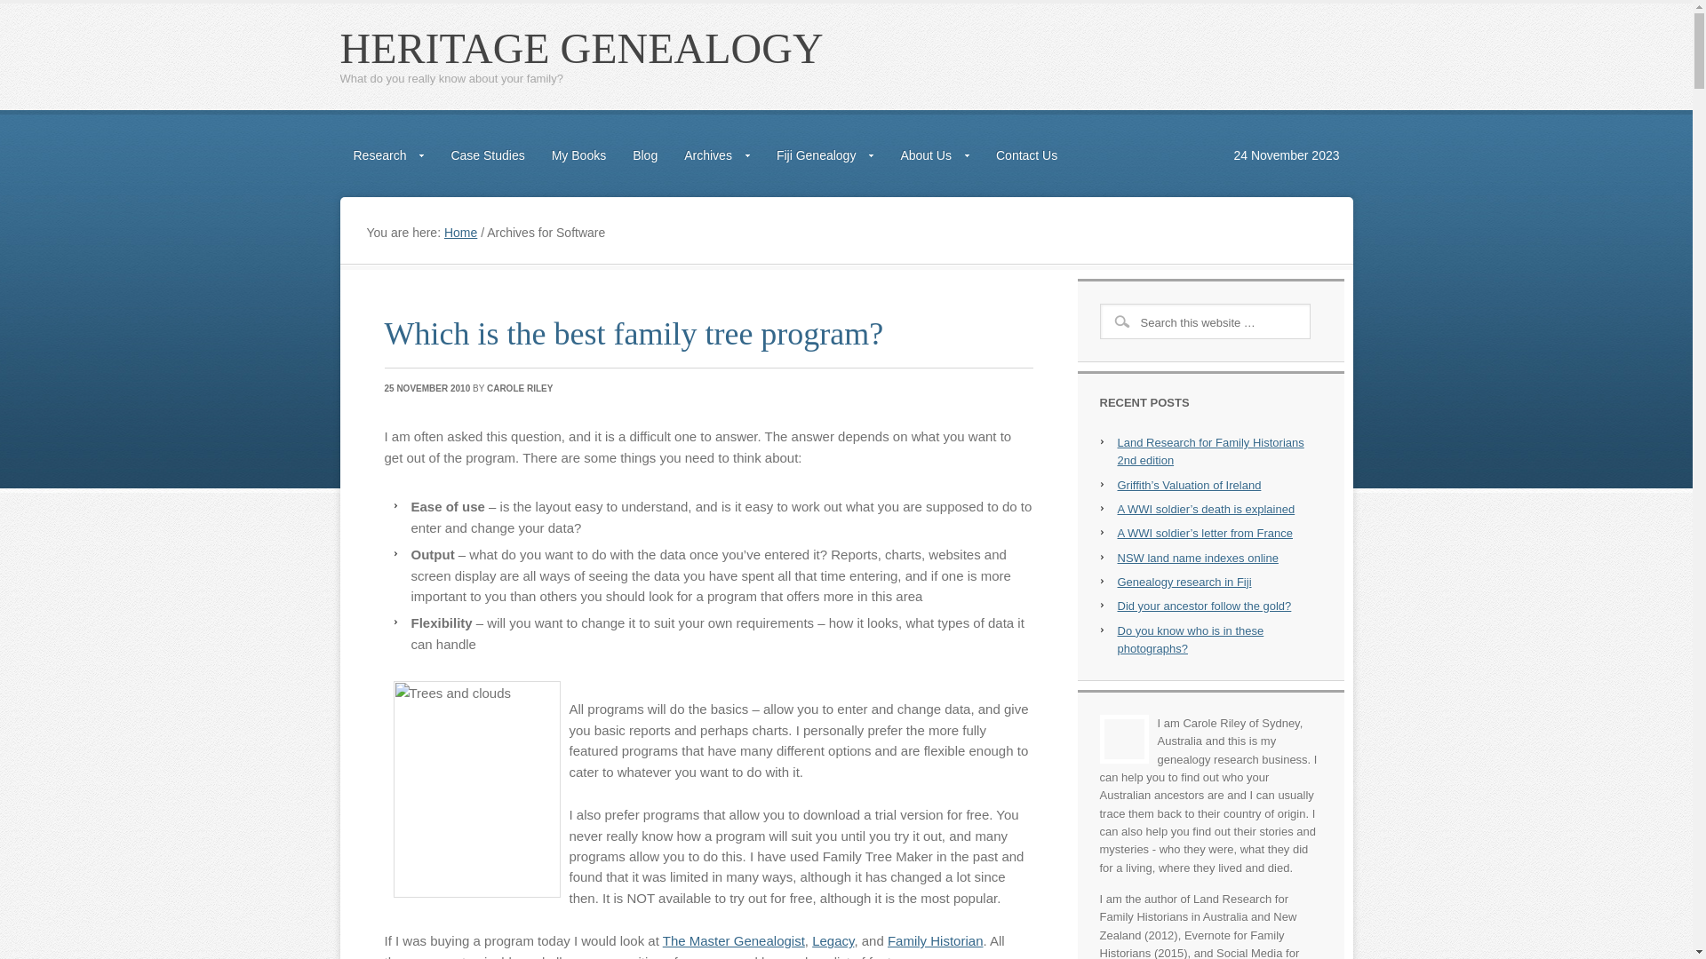  I want to click on 'My Books', so click(578, 155).